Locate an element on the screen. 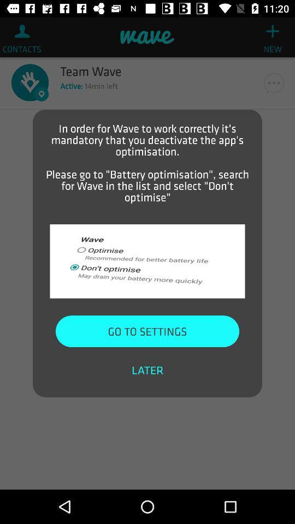  item at the bottom is located at coordinates (147, 370).